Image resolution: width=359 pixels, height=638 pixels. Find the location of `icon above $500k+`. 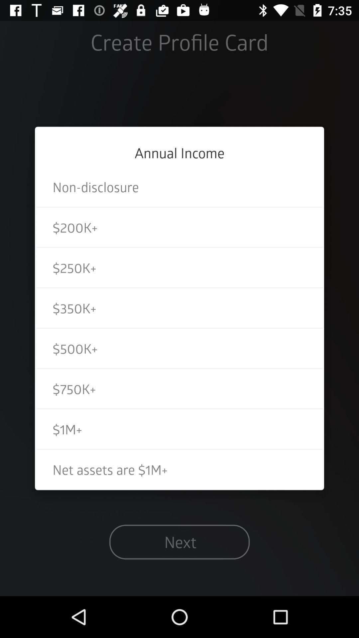

icon above $500k+ is located at coordinates (179, 307).